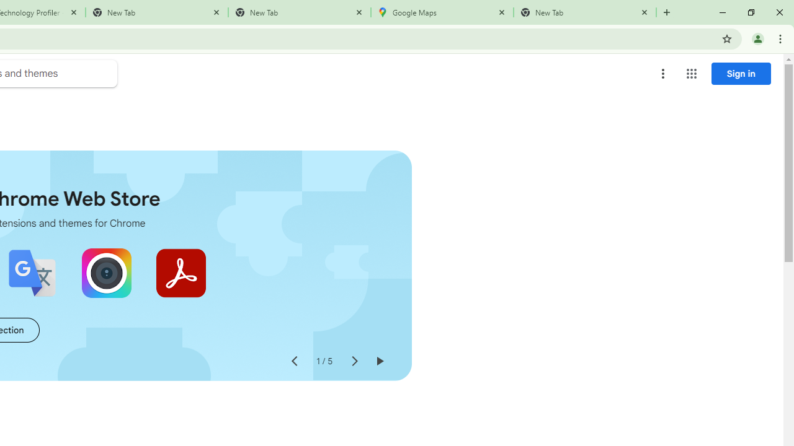 This screenshot has width=794, height=446. I want to click on 'Google Maps', so click(442, 12).